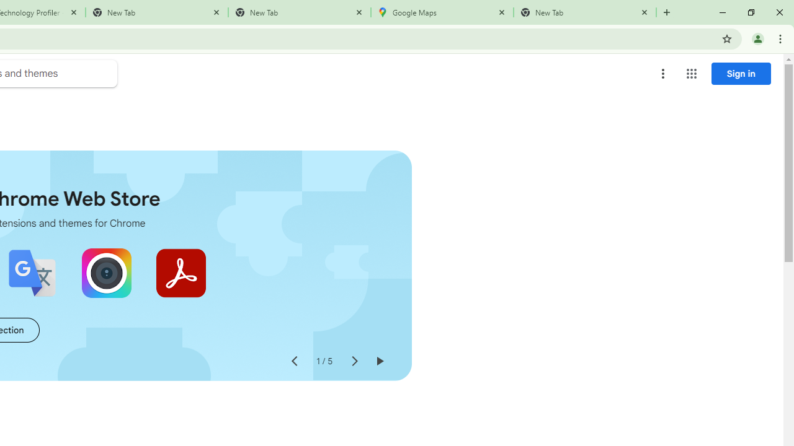 This screenshot has width=794, height=446. I want to click on 'Google Maps', so click(442, 12).